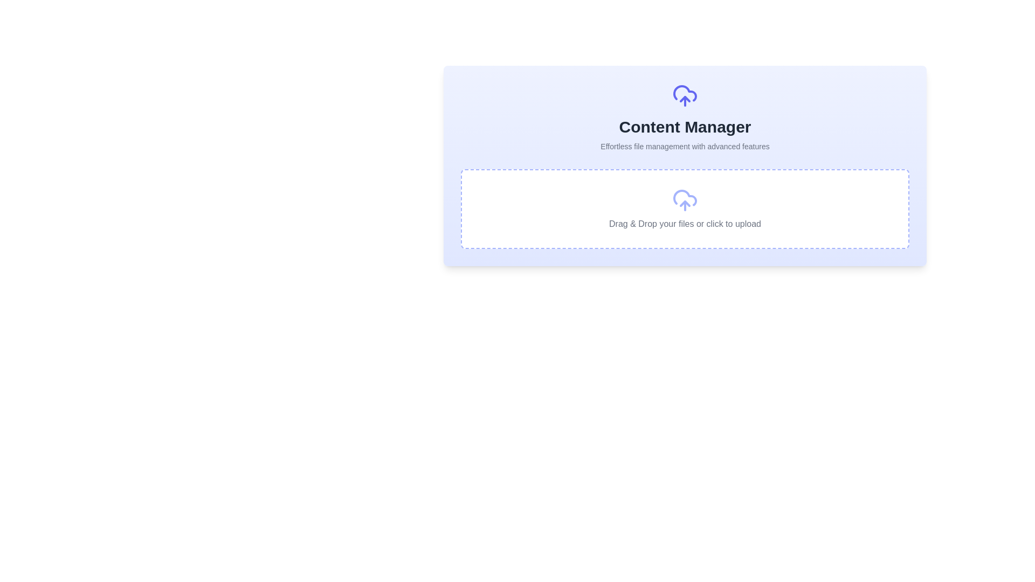  I want to click on the cloud-shaped icon with an upward arrow, which is located within the dashed-bordered upload box, positioned centrally above the prompt text 'Drag & Drop your files or click to upload', so click(685, 200).